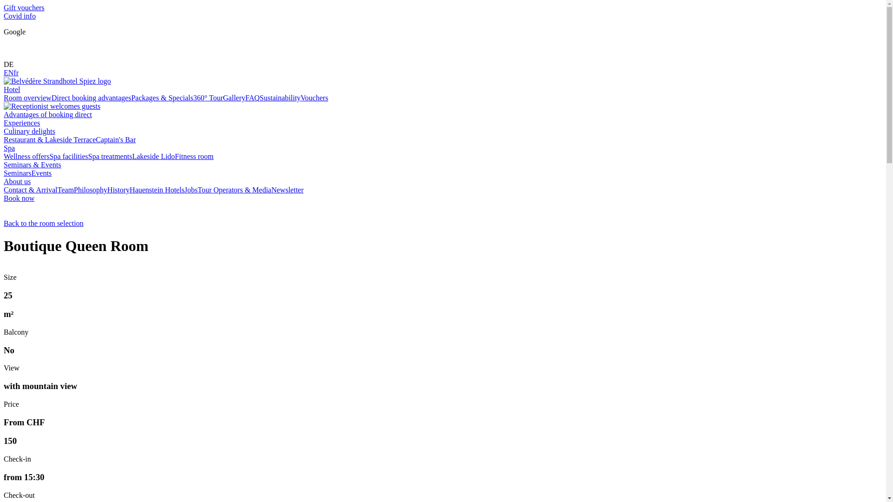 The height and width of the screenshot is (502, 893). I want to click on 'Newsletter', so click(287, 189).